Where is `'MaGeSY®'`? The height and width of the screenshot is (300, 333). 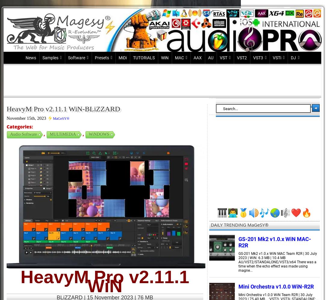 'MaGeSY®' is located at coordinates (52, 119).